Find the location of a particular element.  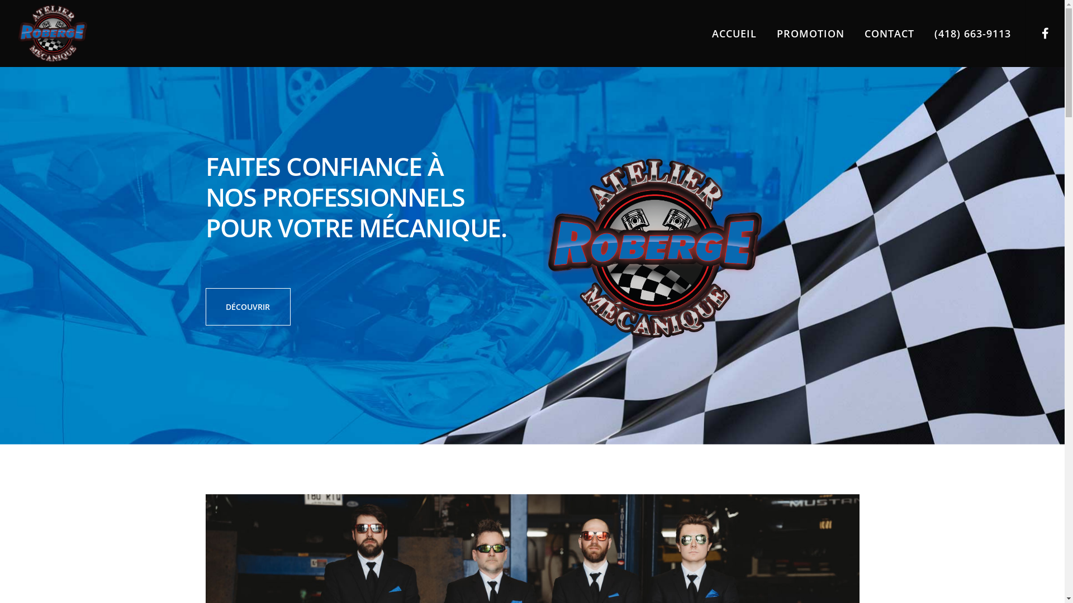

'(418) 663-9113' is located at coordinates (962, 33).